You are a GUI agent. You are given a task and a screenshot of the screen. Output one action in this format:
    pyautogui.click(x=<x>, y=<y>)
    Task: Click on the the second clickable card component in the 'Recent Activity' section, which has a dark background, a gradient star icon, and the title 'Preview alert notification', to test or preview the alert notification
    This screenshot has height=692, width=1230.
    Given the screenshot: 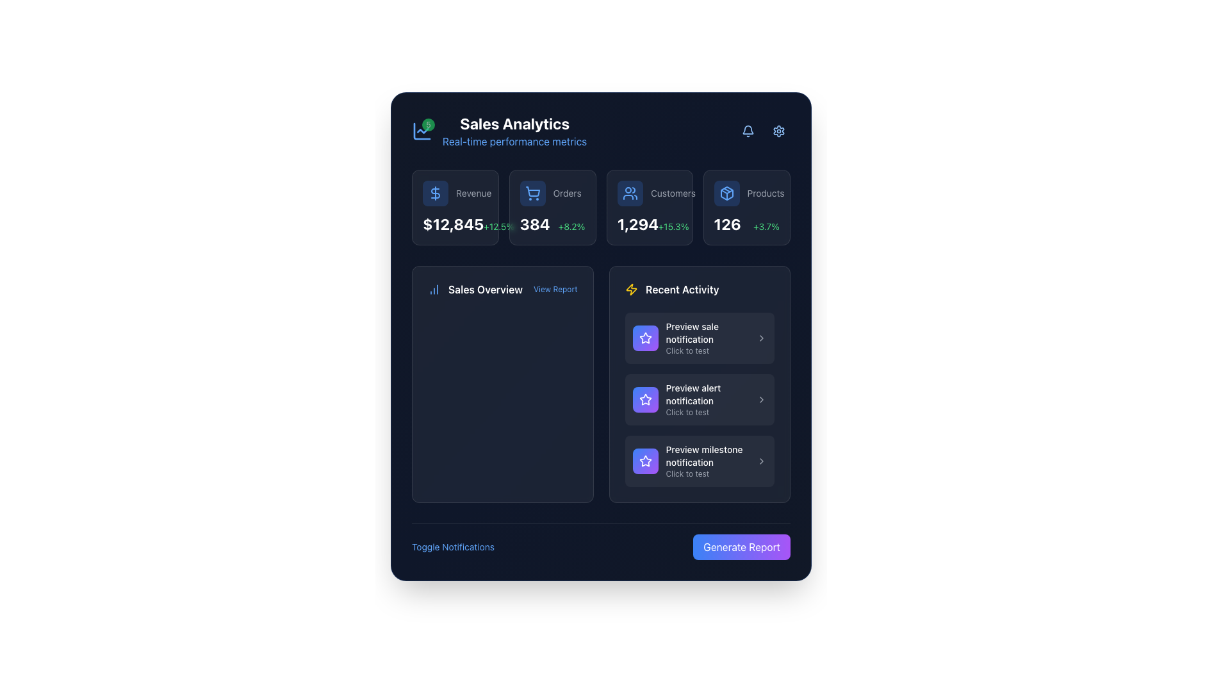 What is the action you would take?
    pyautogui.click(x=699, y=399)
    